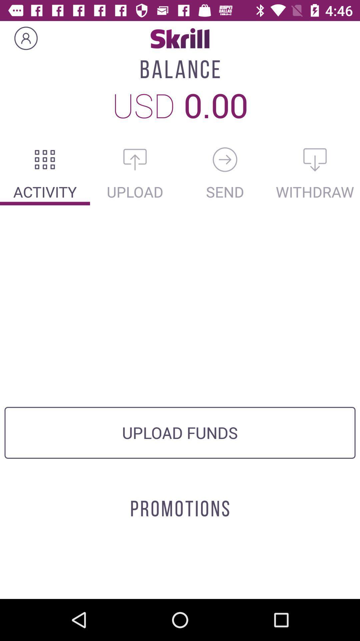  I want to click on activity, so click(45, 159).